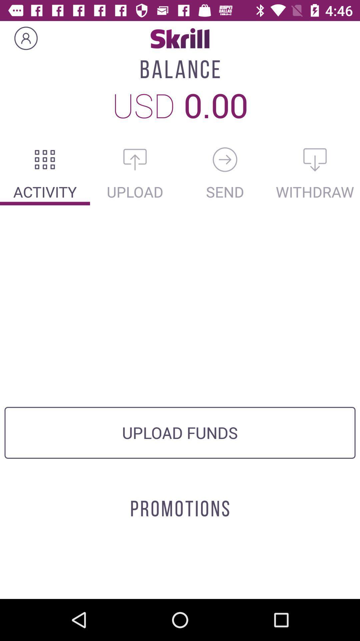  I want to click on activity, so click(45, 159).